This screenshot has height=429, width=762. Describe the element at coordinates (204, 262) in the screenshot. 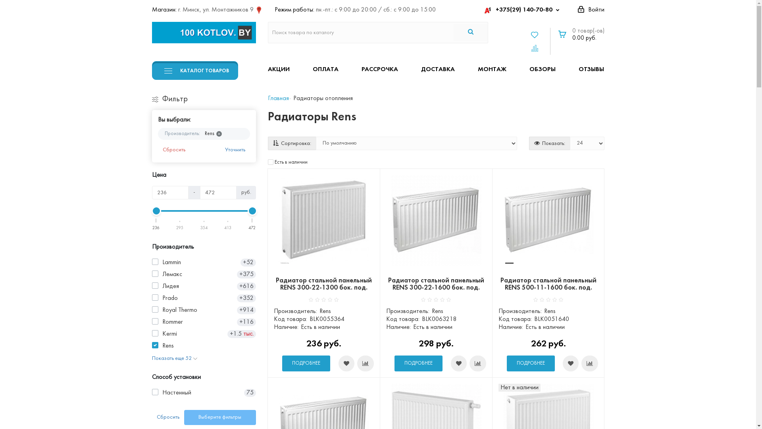

I see `'Lammin` at that location.